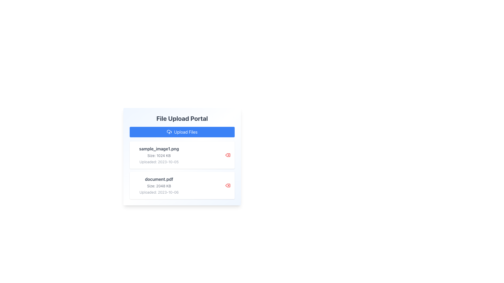 The width and height of the screenshot is (504, 283). What do you see at coordinates (182, 132) in the screenshot?
I see `the prominently styled 'Upload Files' button with a blue background and white text, located in the 'File Upload Portal' section, to initiate file upload` at bounding box center [182, 132].